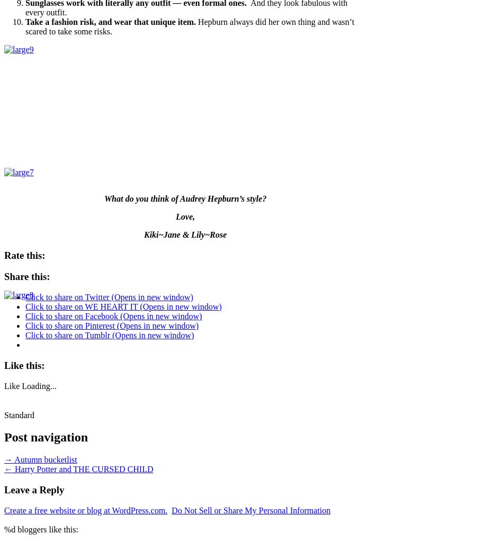 The height and width of the screenshot is (542, 481). Describe the element at coordinates (11, 385) in the screenshot. I see `'Like'` at that location.